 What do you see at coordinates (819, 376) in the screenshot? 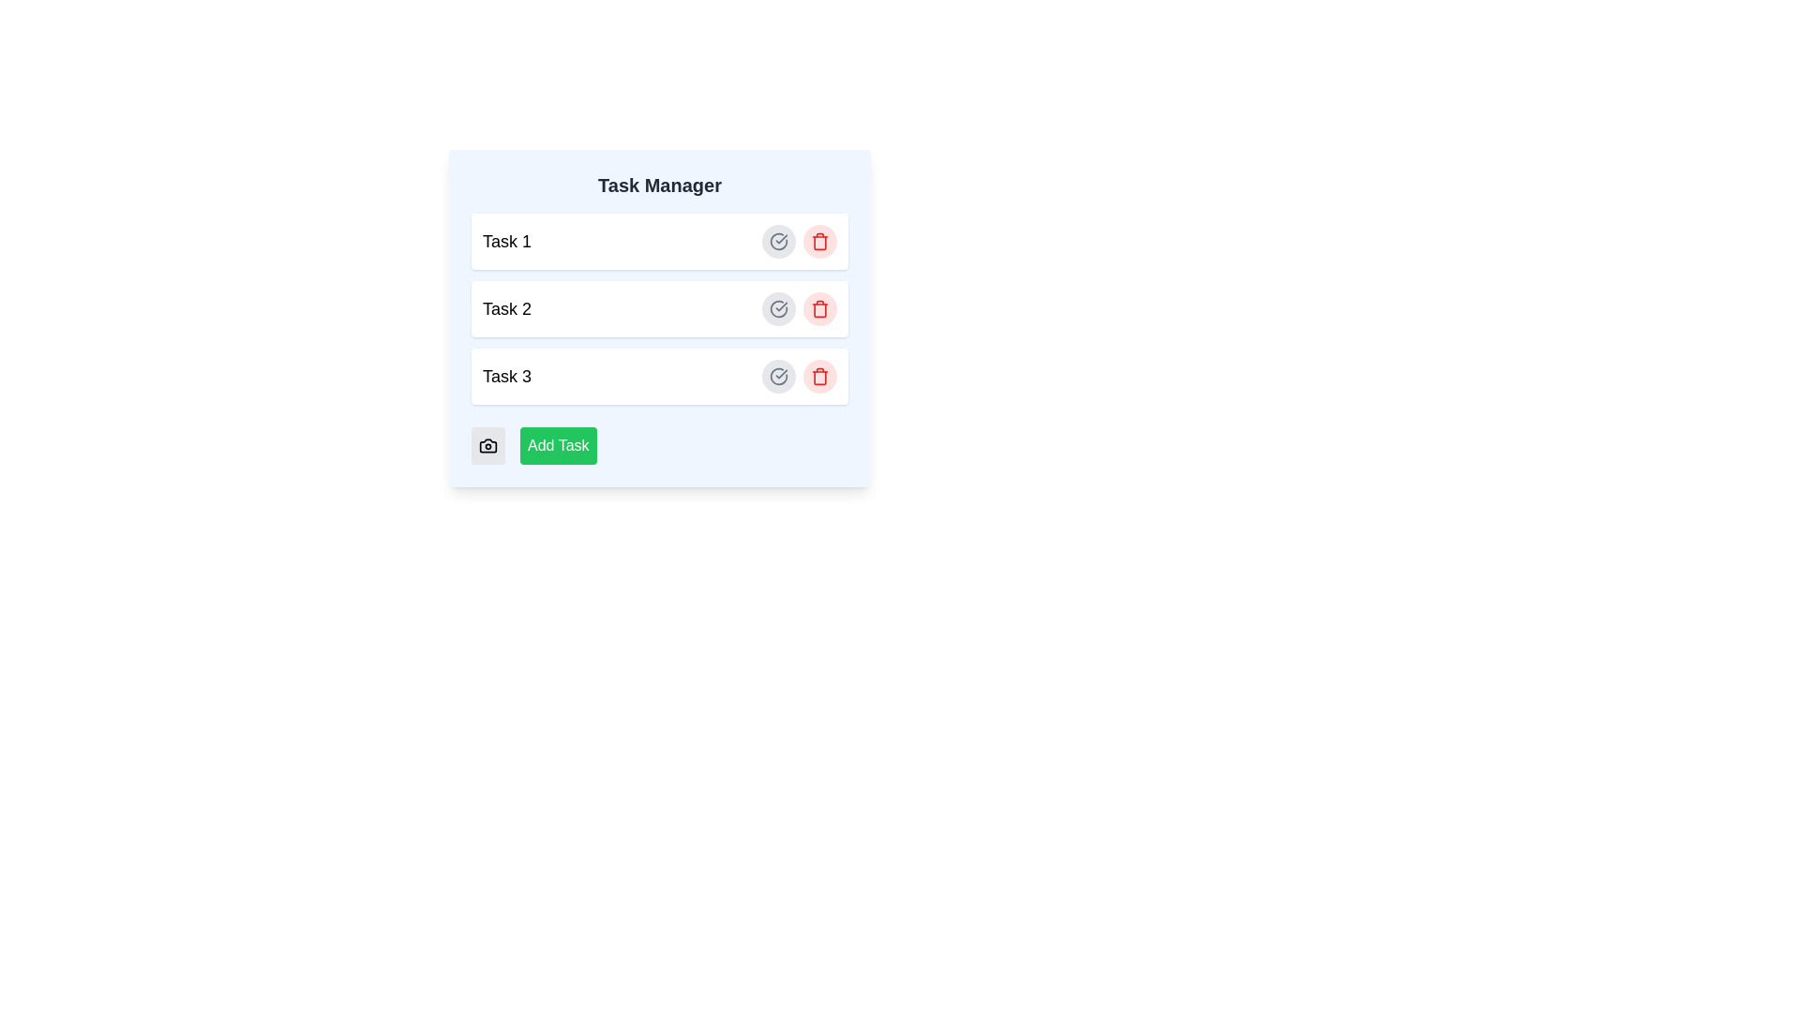
I see `the interactive button with a trash can icon, which is located at the rightmost side of the third row under the 'Task Manager' header` at bounding box center [819, 376].